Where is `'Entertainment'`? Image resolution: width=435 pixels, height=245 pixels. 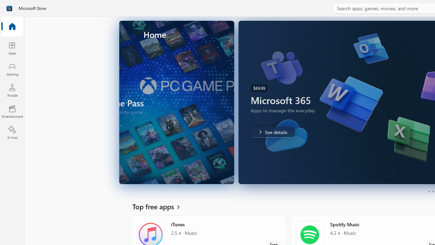
'Entertainment' is located at coordinates (12, 111).